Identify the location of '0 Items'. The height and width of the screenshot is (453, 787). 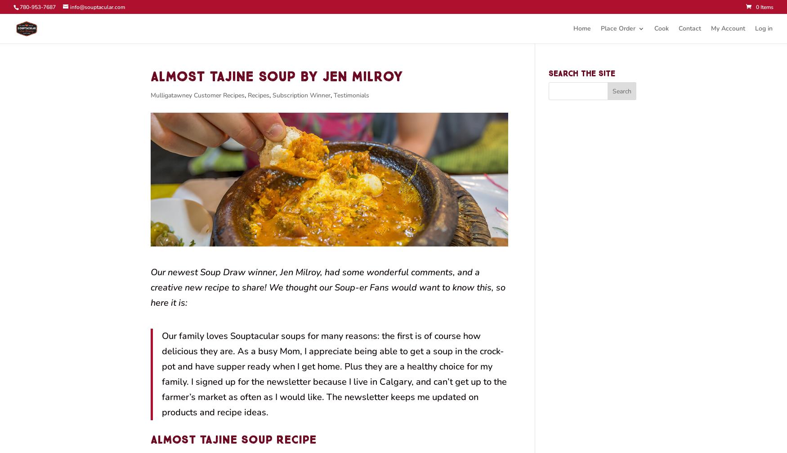
(765, 7).